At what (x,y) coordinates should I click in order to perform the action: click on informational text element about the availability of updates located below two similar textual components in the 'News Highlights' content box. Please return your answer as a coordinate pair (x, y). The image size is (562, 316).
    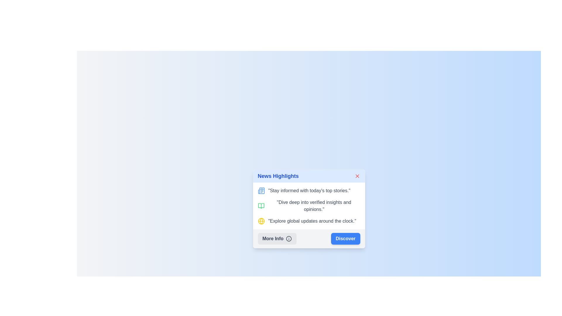
    Looking at the image, I should click on (312, 221).